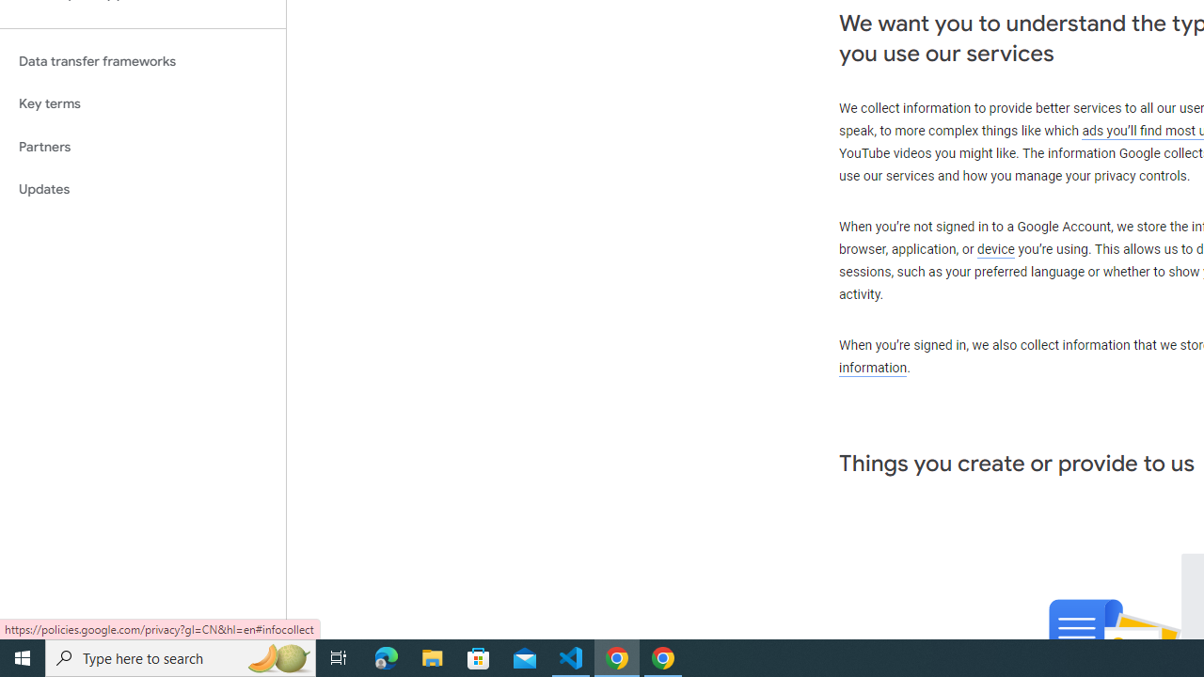 This screenshot has height=677, width=1204. What do you see at coordinates (142, 103) in the screenshot?
I see `'Key terms'` at bounding box center [142, 103].